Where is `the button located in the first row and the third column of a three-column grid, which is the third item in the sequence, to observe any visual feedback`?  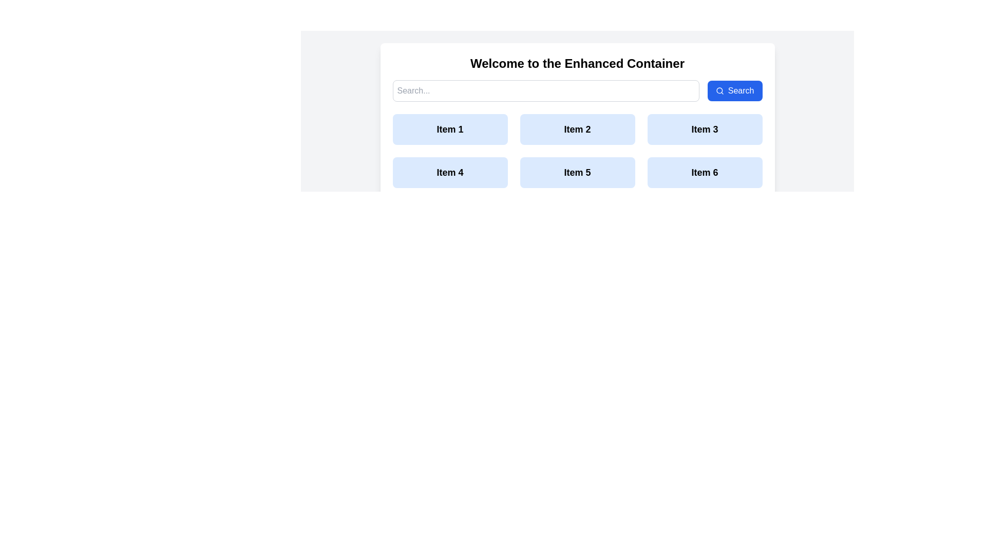 the button located in the first row and the third column of a three-column grid, which is the third item in the sequence, to observe any visual feedback is located at coordinates (704, 128).